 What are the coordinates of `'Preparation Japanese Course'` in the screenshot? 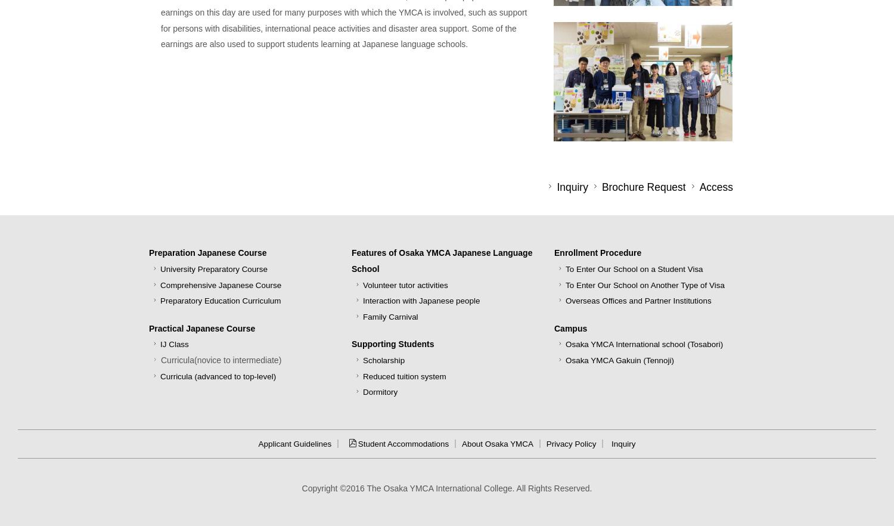 It's located at (149, 252).